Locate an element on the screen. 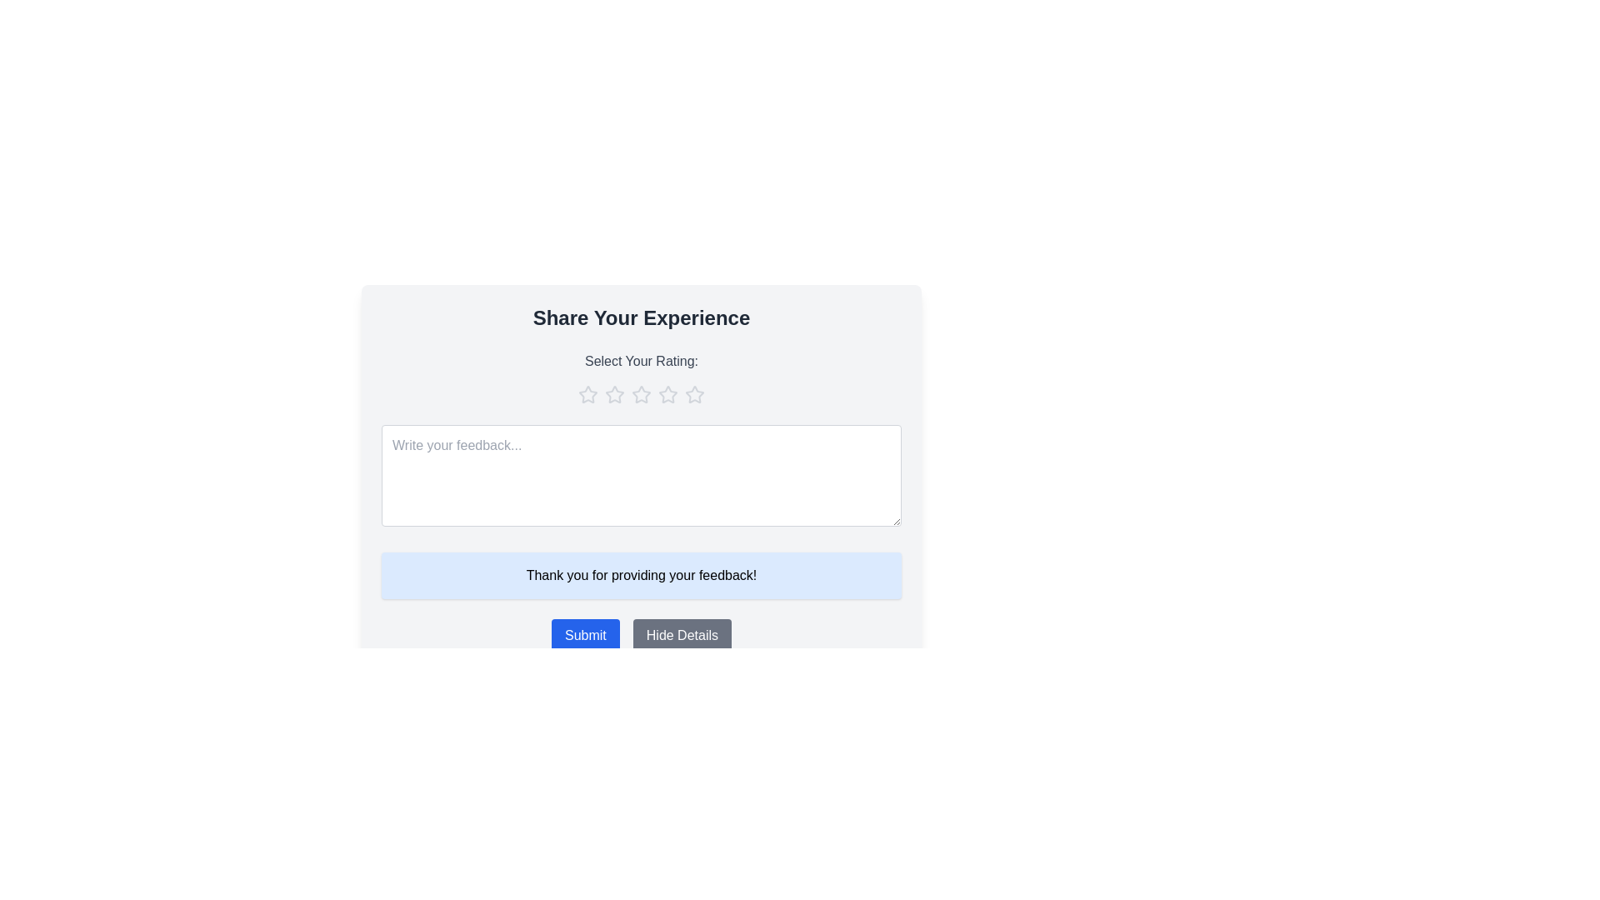 This screenshot has width=1600, height=900. the text box with a light blue background displaying 'Thank you for providing your feedback!' located between the feedback text area and the buttons is located at coordinates (640, 574).